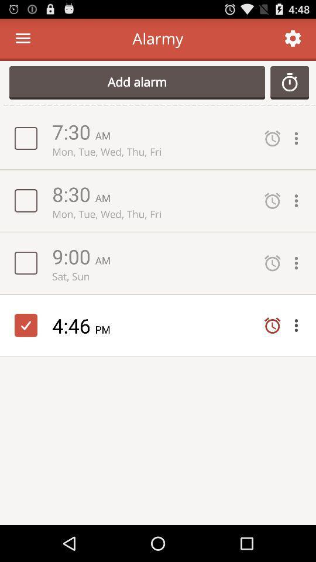  What do you see at coordinates (152, 276) in the screenshot?
I see `the item below 9:00 icon` at bounding box center [152, 276].